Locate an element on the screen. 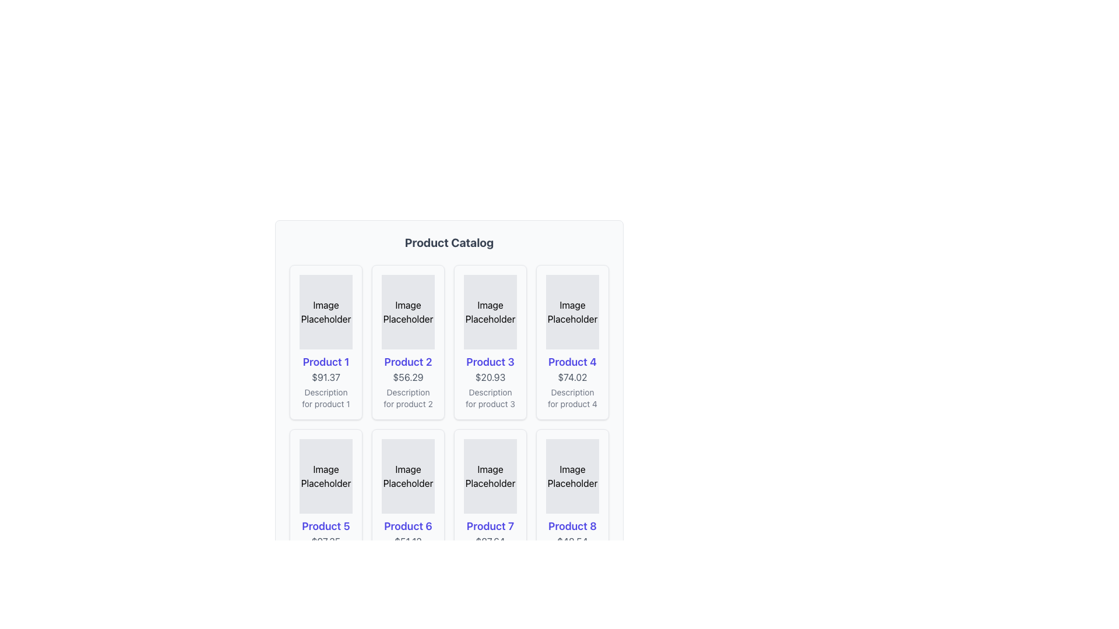  the descriptive text label for 'Product 2', located beneath the price '$56.29' within the product card is located at coordinates (408, 397).